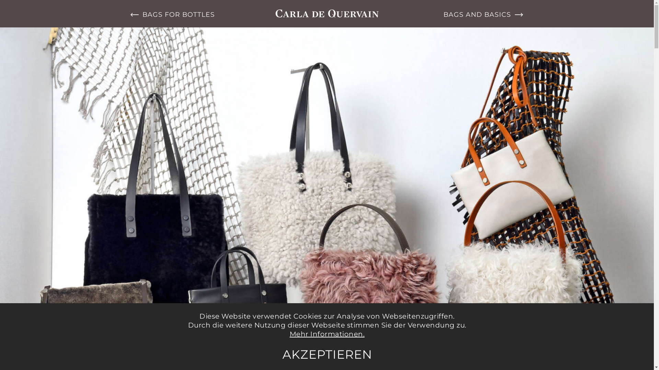 The height and width of the screenshot is (370, 659). What do you see at coordinates (327, 334) in the screenshot?
I see `'Mehr Informationen.'` at bounding box center [327, 334].